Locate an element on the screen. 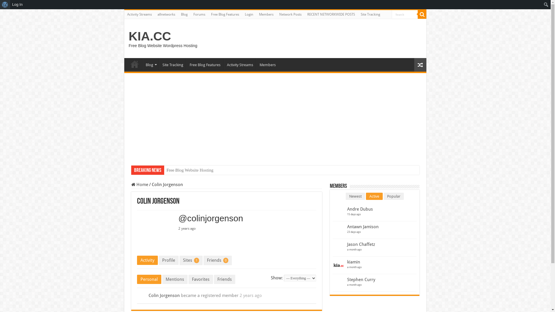 The image size is (555, 312). 'Login' is located at coordinates (249, 14).